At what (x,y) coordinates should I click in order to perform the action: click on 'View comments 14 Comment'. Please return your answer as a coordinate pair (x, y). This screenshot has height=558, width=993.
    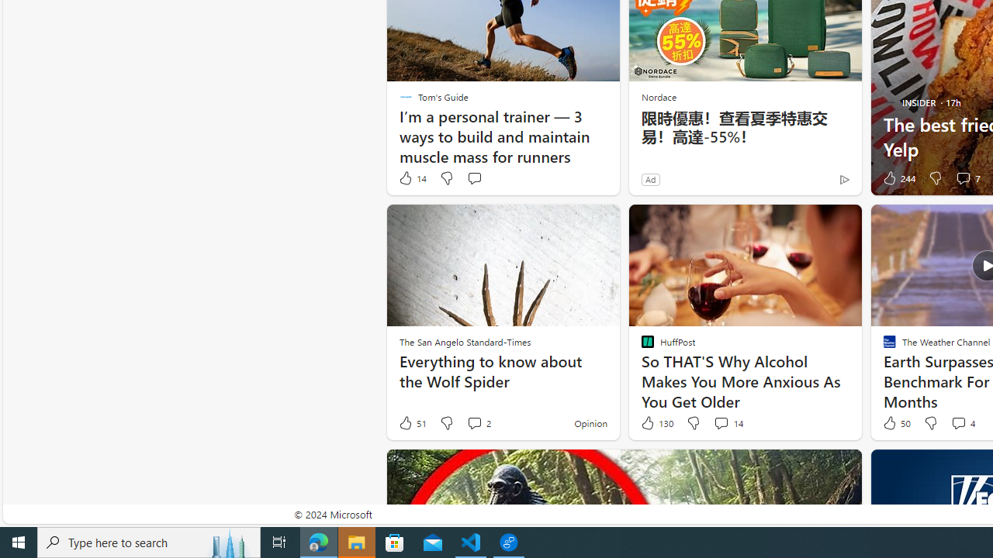
    Looking at the image, I should click on (727, 423).